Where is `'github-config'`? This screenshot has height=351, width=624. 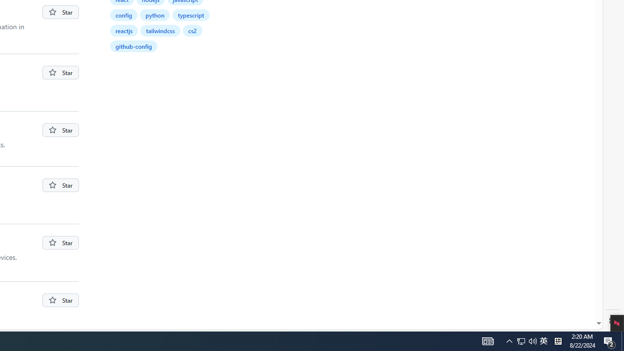
'github-config' is located at coordinates (133, 46).